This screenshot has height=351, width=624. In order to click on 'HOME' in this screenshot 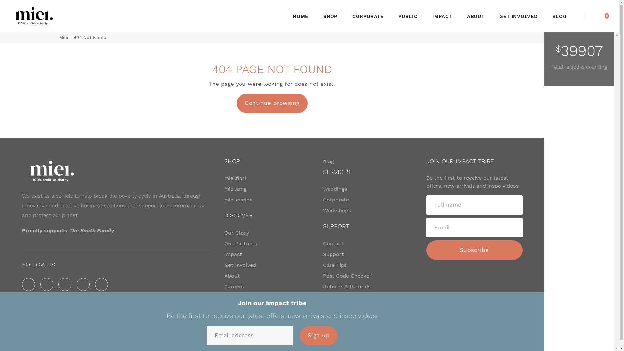, I will do `click(300, 16)`.